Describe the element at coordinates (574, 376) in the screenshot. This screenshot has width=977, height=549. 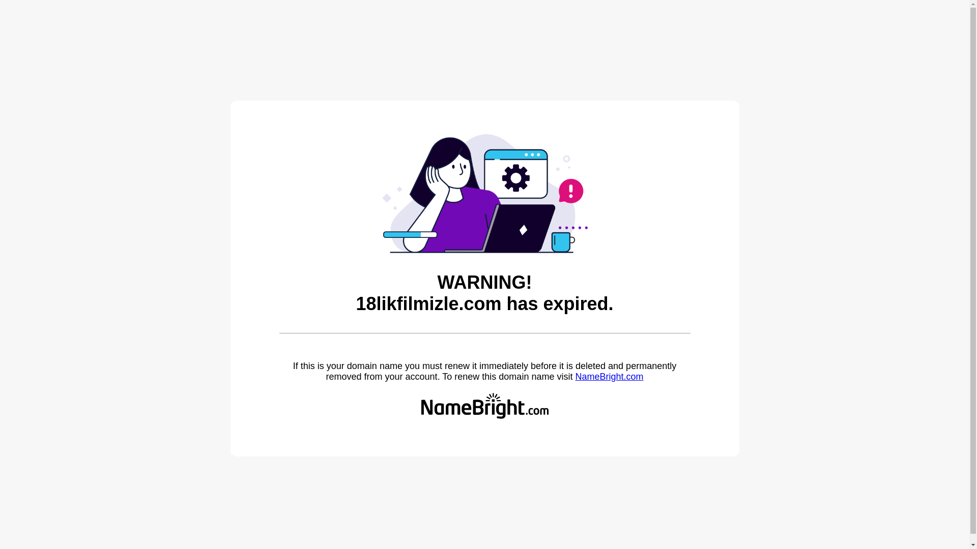
I see `'NameBright.com'` at that location.